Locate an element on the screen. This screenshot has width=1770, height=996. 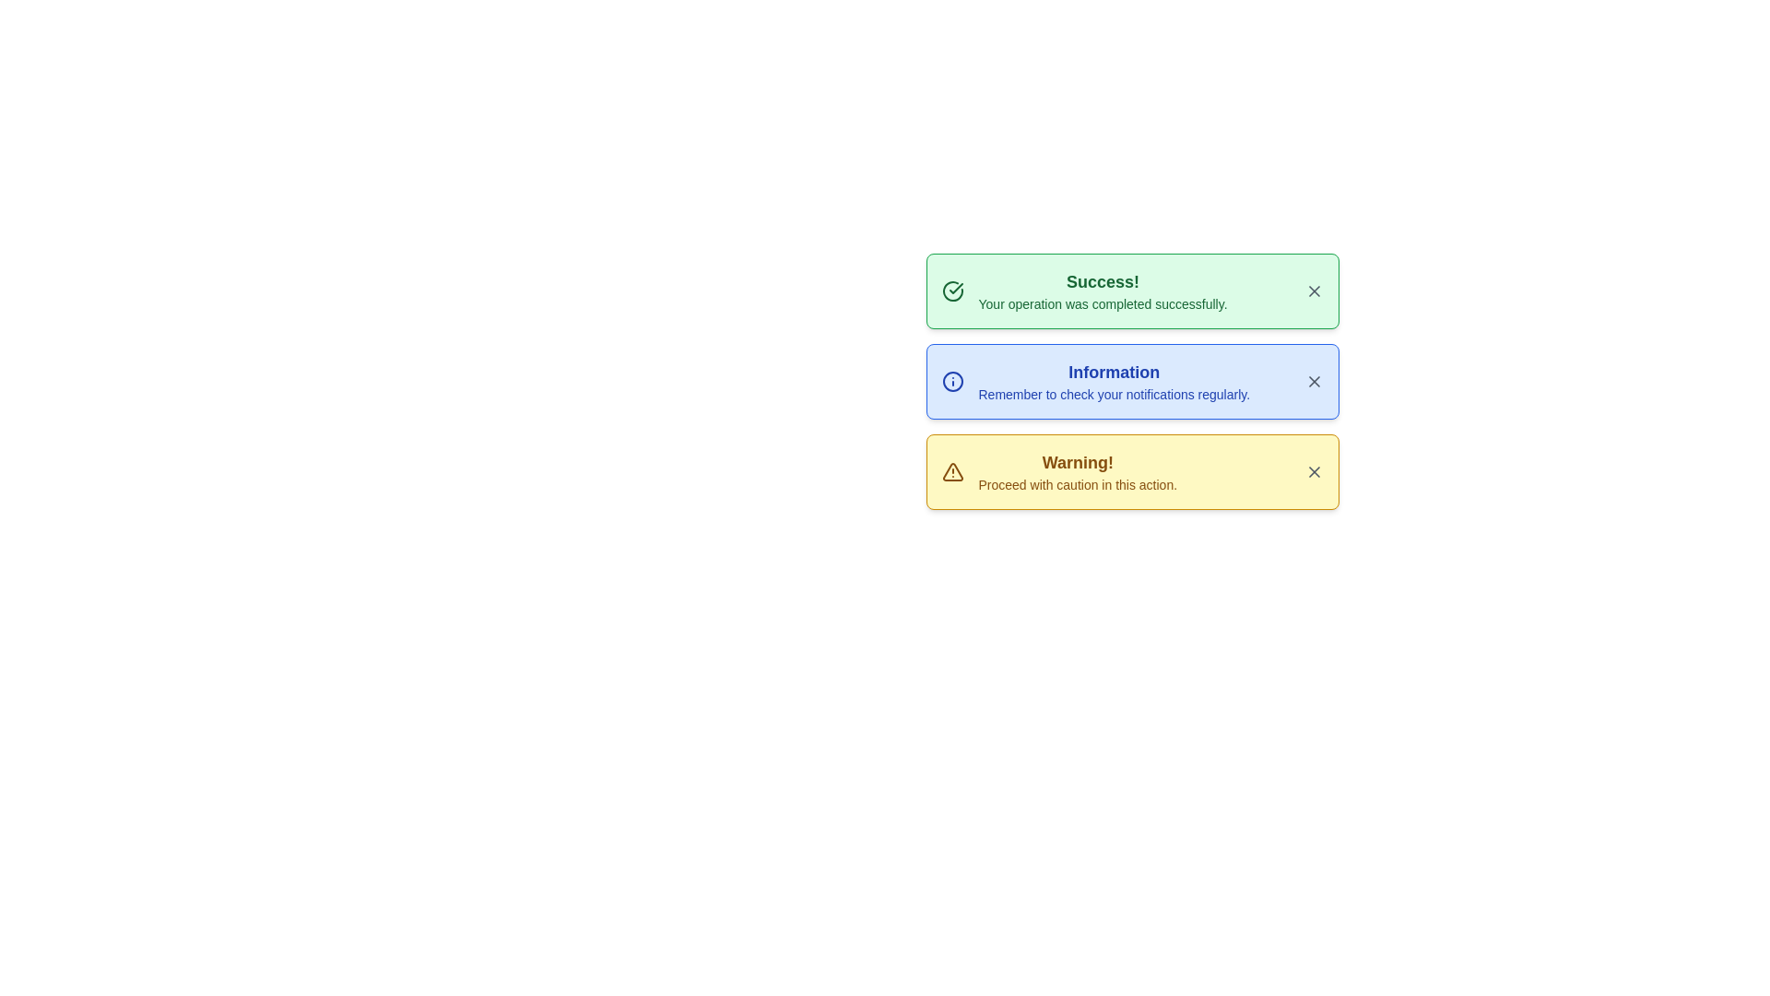
the dismiss button represented by an 'X' shape, created by two intersecting diagonal lines within the blue notification box labeled 'Information' is located at coordinates (1313, 380).